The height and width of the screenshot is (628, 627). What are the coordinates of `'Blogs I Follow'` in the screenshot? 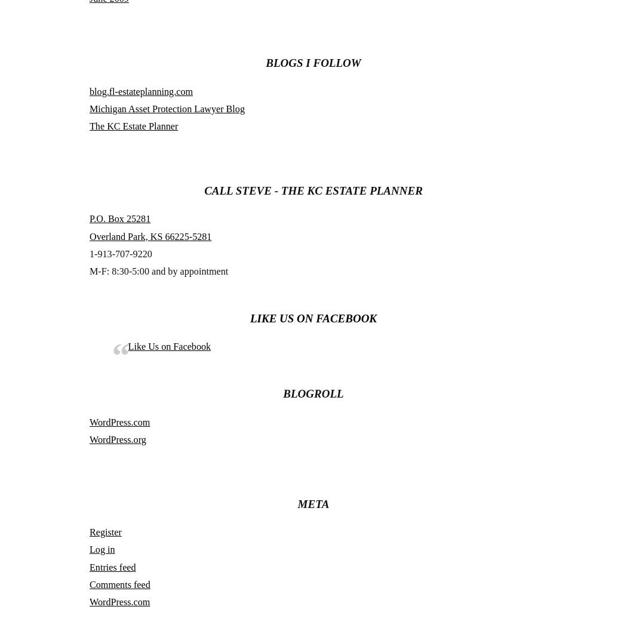 It's located at (312, 63).